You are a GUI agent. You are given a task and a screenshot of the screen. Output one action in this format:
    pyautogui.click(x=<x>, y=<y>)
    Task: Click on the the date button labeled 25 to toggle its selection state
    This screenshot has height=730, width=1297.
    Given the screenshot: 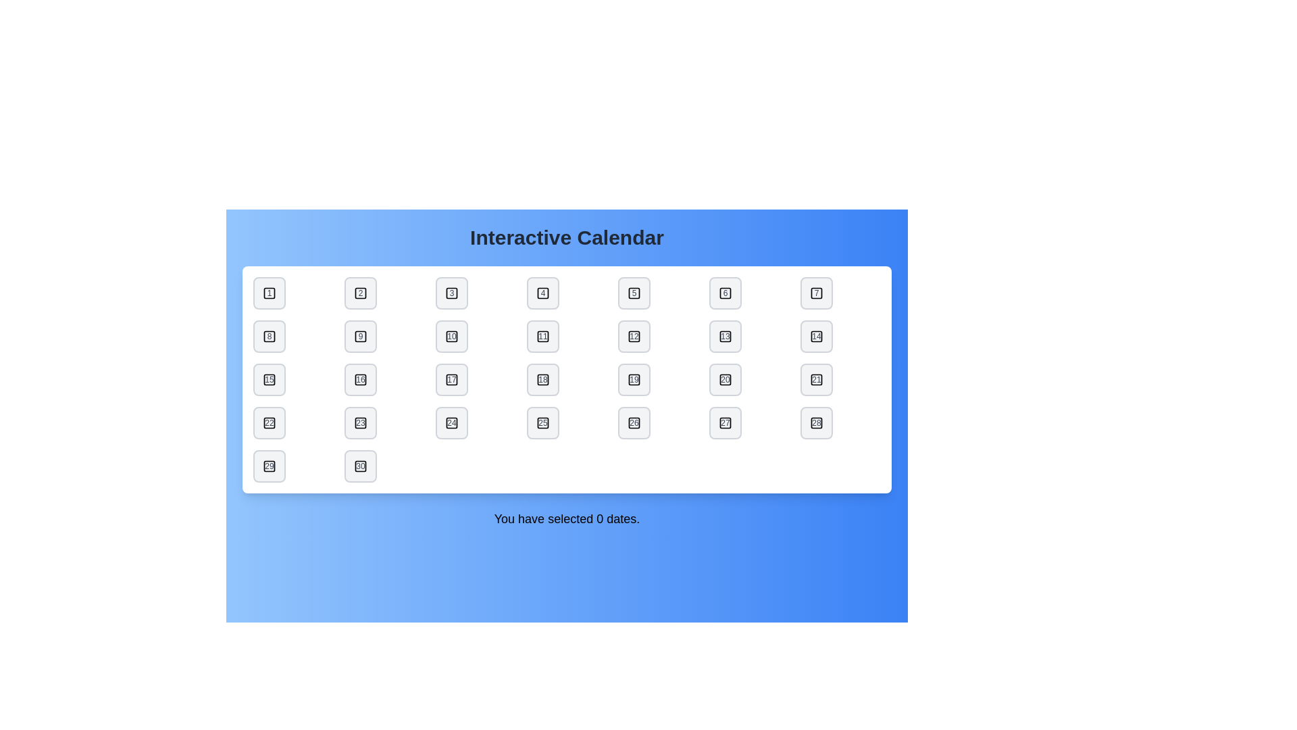 What is the action you would take?
    pyautogui.click(x=543, y=422)
    